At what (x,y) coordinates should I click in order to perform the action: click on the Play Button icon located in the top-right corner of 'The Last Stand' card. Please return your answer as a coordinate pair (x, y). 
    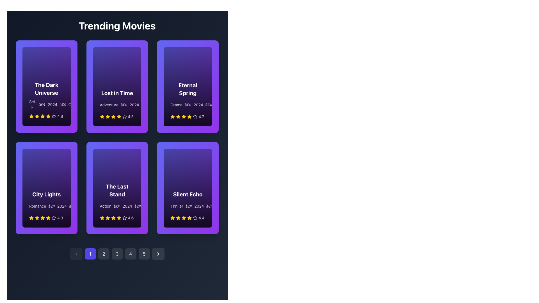
    Looking at the image, I should click on (139, 153).